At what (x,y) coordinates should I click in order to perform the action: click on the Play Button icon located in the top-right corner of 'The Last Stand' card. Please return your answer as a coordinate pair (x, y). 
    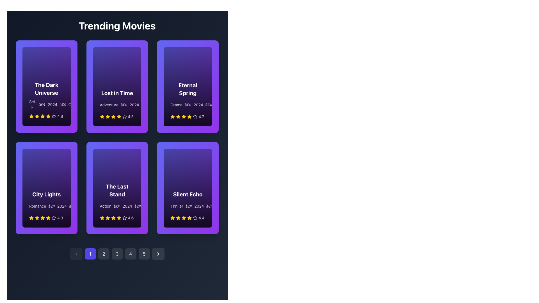
    Looking at the image, I should click on (139, 153).